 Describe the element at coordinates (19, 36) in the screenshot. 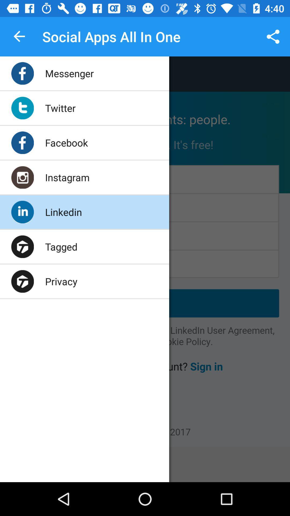

I see `app next to the social apps all app` at that location.